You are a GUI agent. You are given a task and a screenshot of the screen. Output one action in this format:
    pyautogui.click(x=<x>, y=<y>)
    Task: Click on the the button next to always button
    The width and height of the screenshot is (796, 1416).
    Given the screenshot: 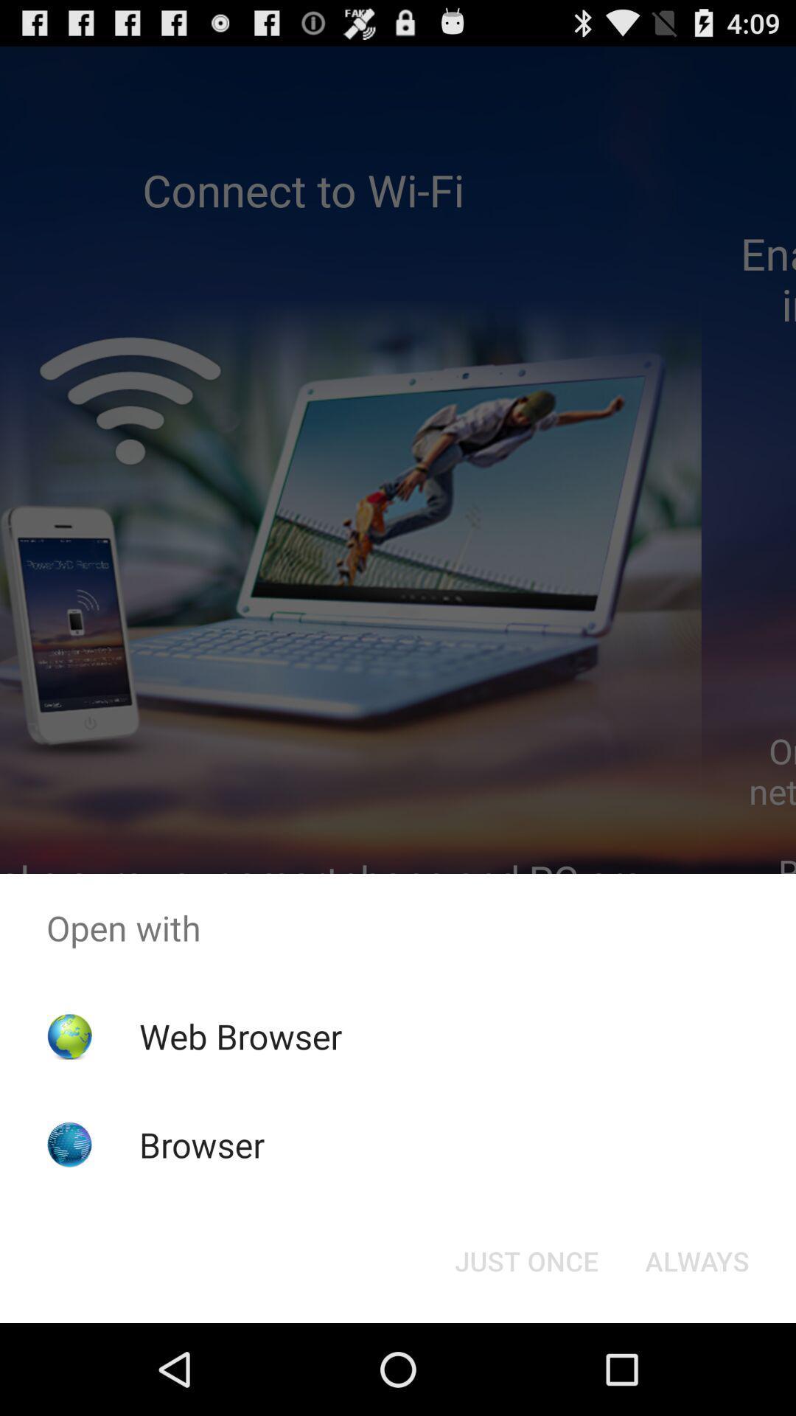 What is the action you would take?
    pyautogui.click(x=526, y=1260)
    